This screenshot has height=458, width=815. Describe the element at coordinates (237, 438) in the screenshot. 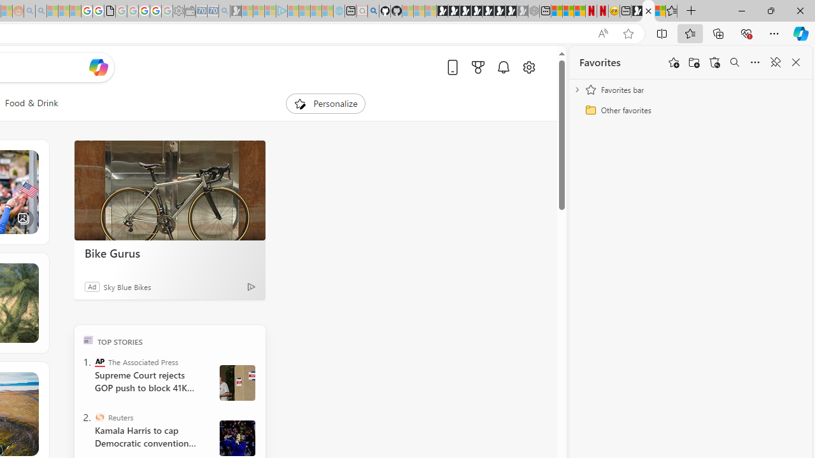

I see `' Harris and Walz campaign in Wisconsin'` at that location.